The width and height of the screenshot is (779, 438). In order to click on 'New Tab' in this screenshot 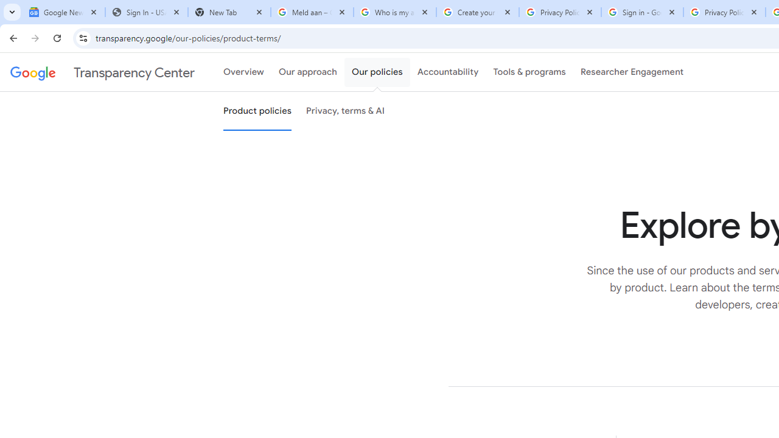, I will do `click(229, 12)`.